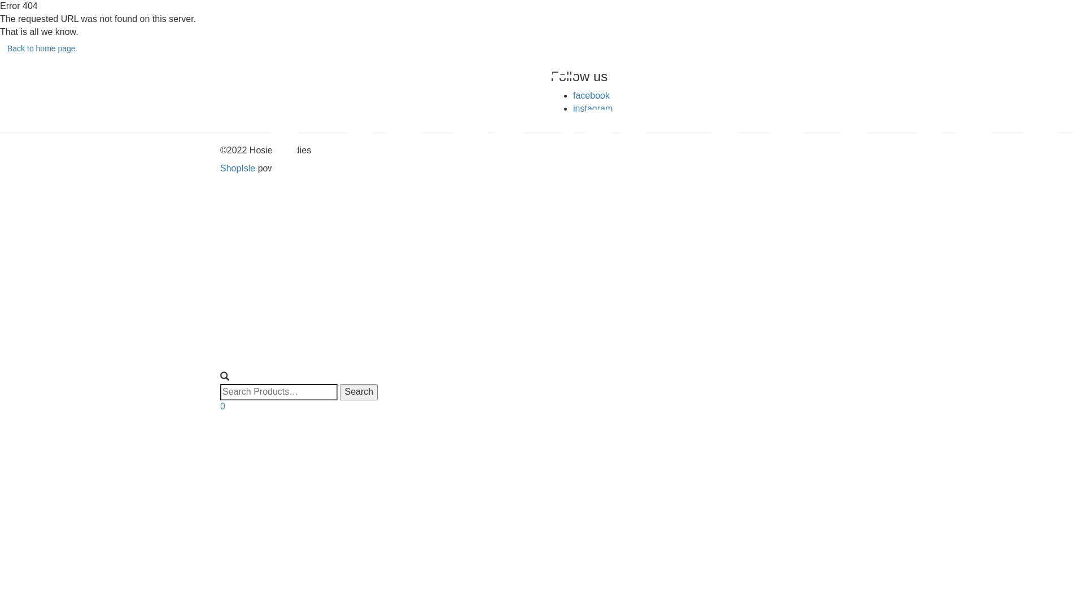  I want to click on '0', so click(220, 406).